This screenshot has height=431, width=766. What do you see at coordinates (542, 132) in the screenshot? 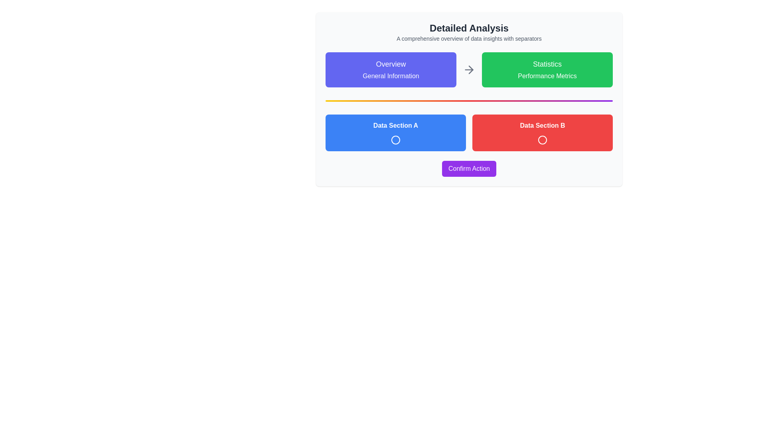
I see `the red rectangular button labeled 'Data Section B'` at bounding box center [542, 132].